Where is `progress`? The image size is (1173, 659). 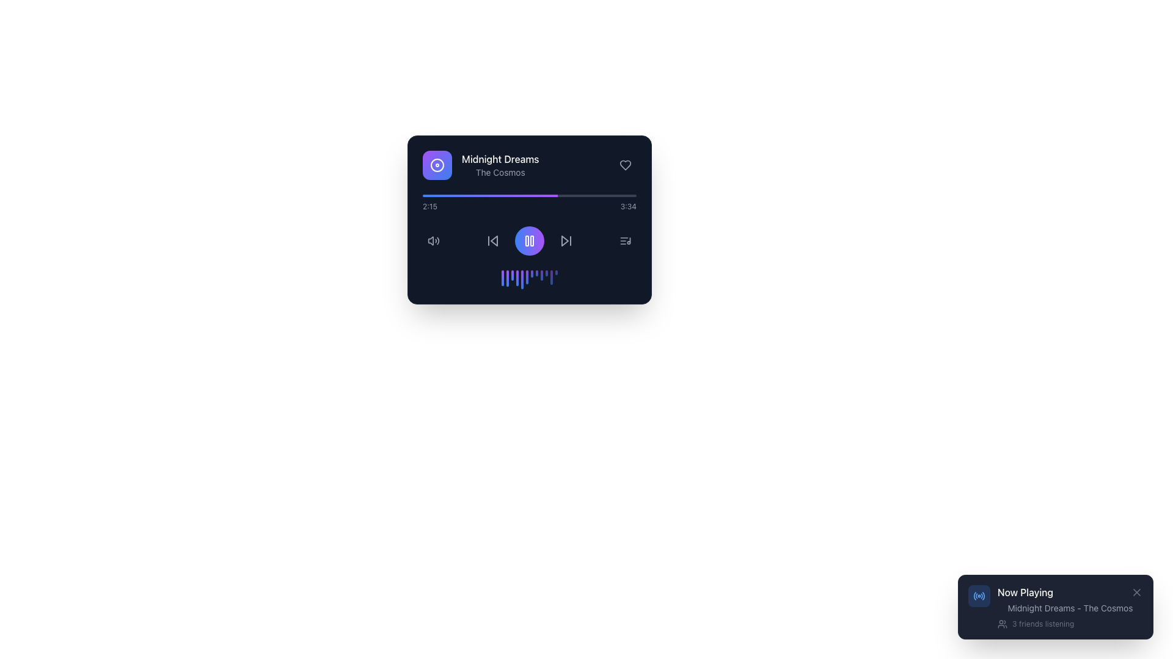 progress is located at coordinates (630, 195).